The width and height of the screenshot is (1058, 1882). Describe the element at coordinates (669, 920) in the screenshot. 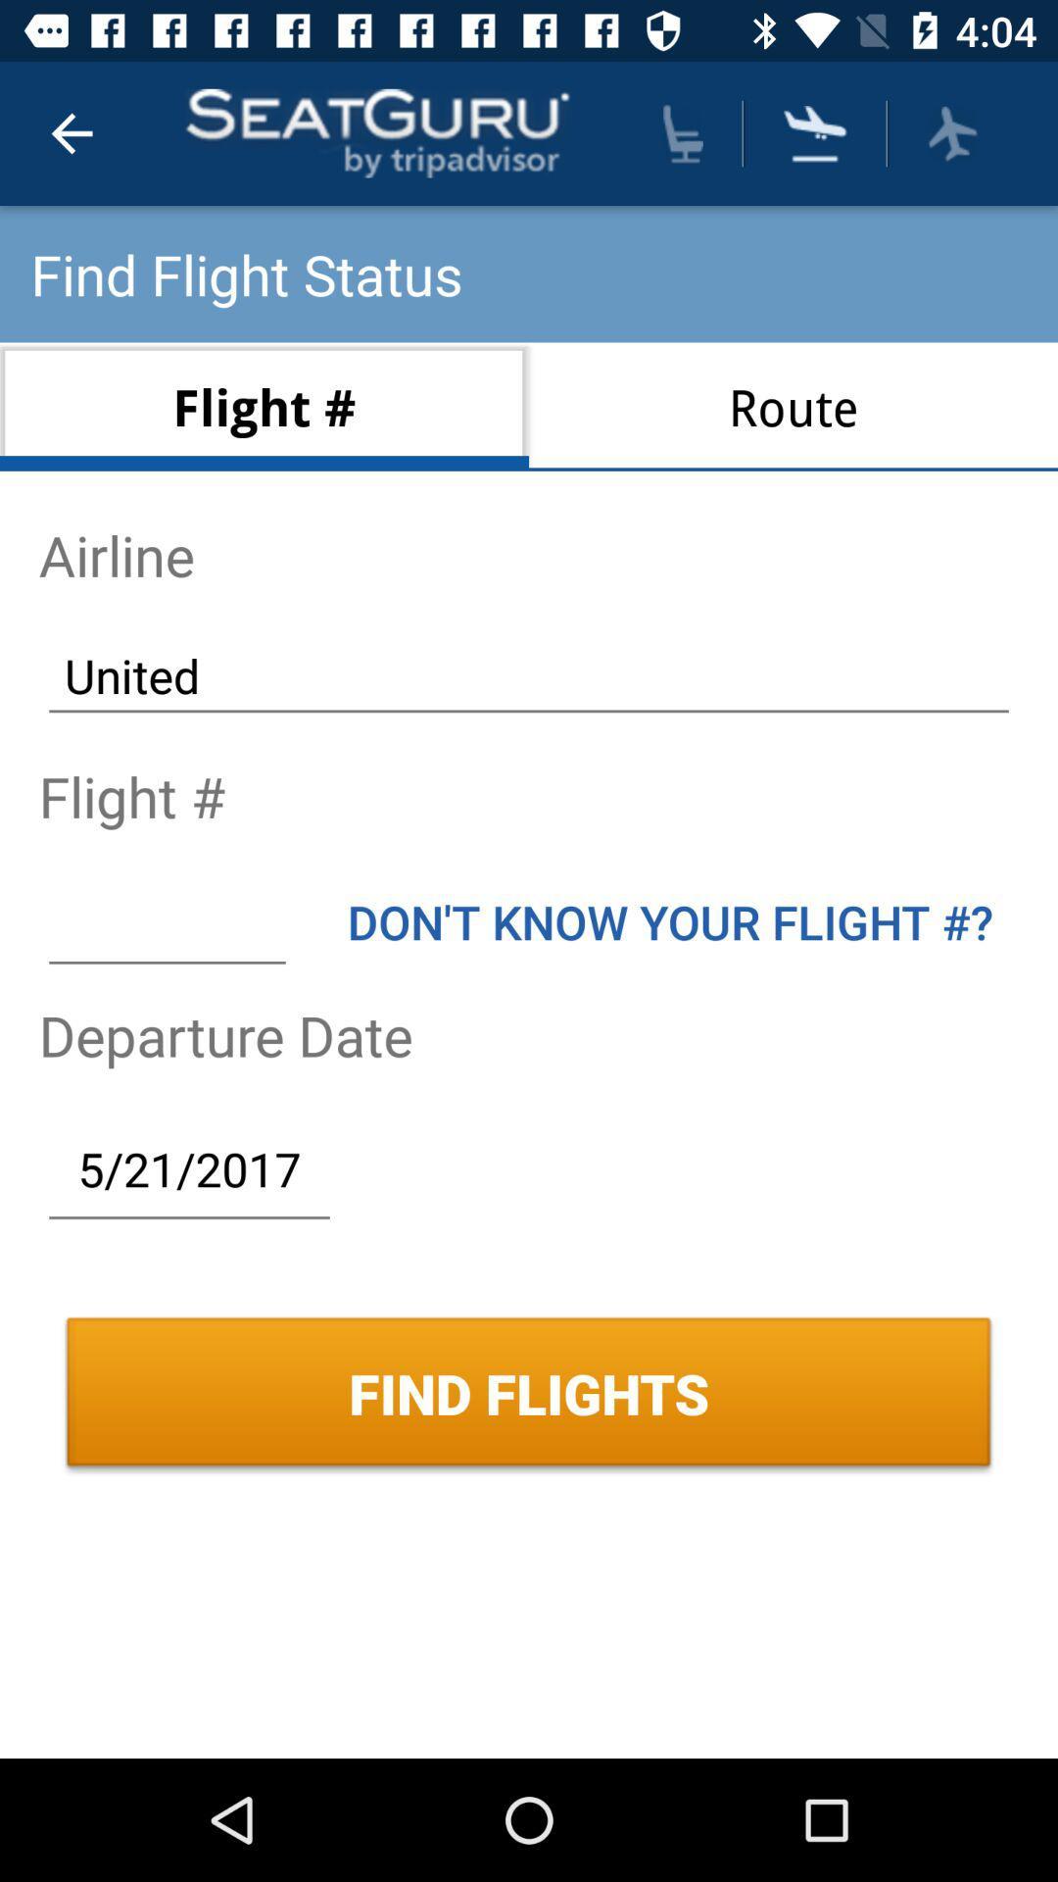

I see `item above departure date item` at that location.